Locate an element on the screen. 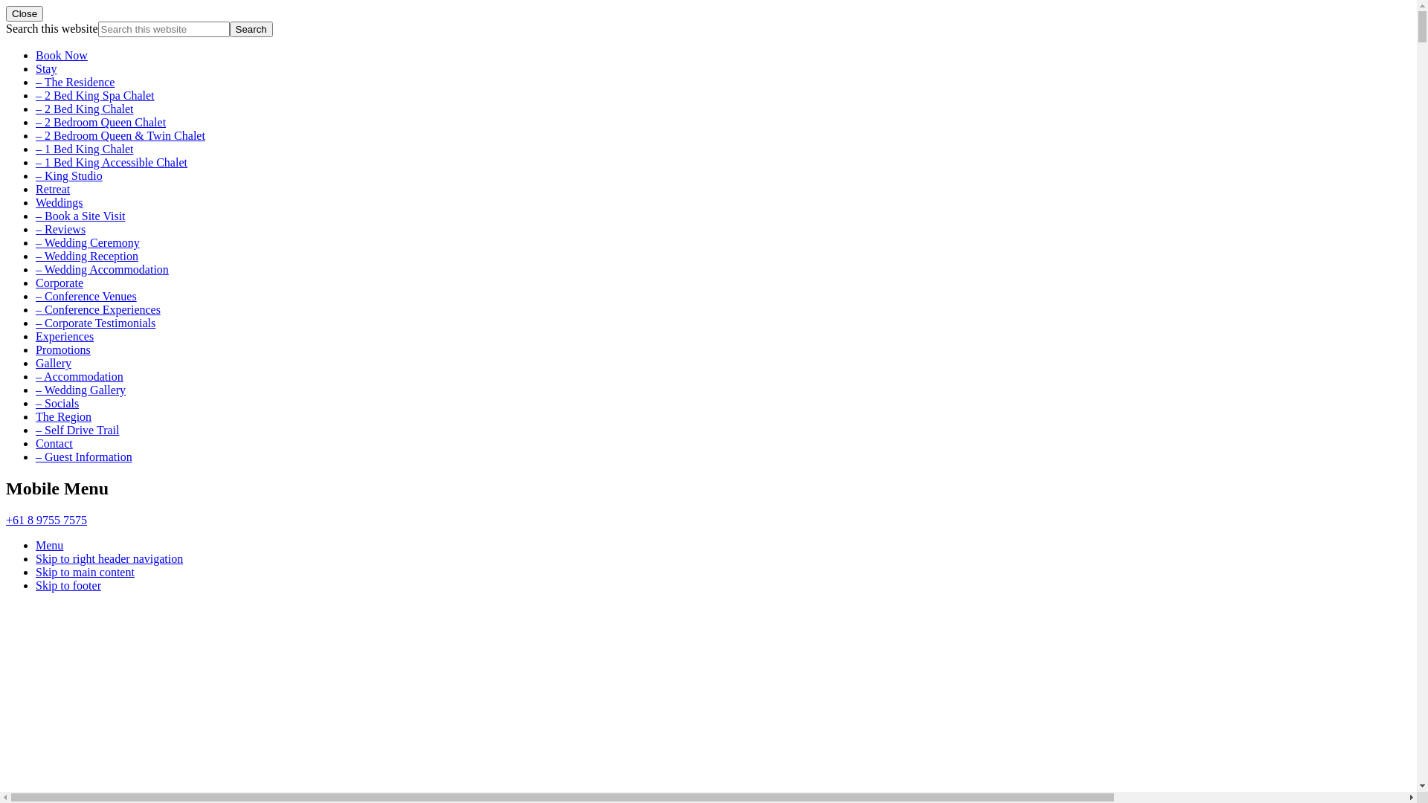 The image size is (1428, 803). 'The Region' is located at coordinates (62, 416).